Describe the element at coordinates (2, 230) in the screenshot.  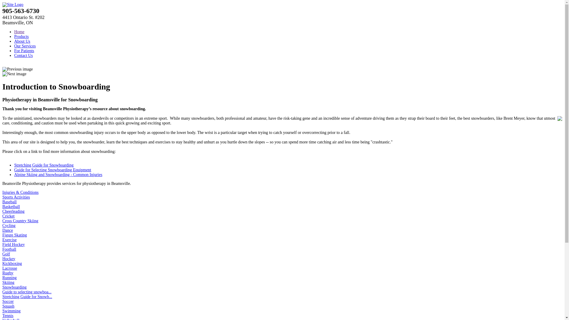
I see `'Dance'` at that location.